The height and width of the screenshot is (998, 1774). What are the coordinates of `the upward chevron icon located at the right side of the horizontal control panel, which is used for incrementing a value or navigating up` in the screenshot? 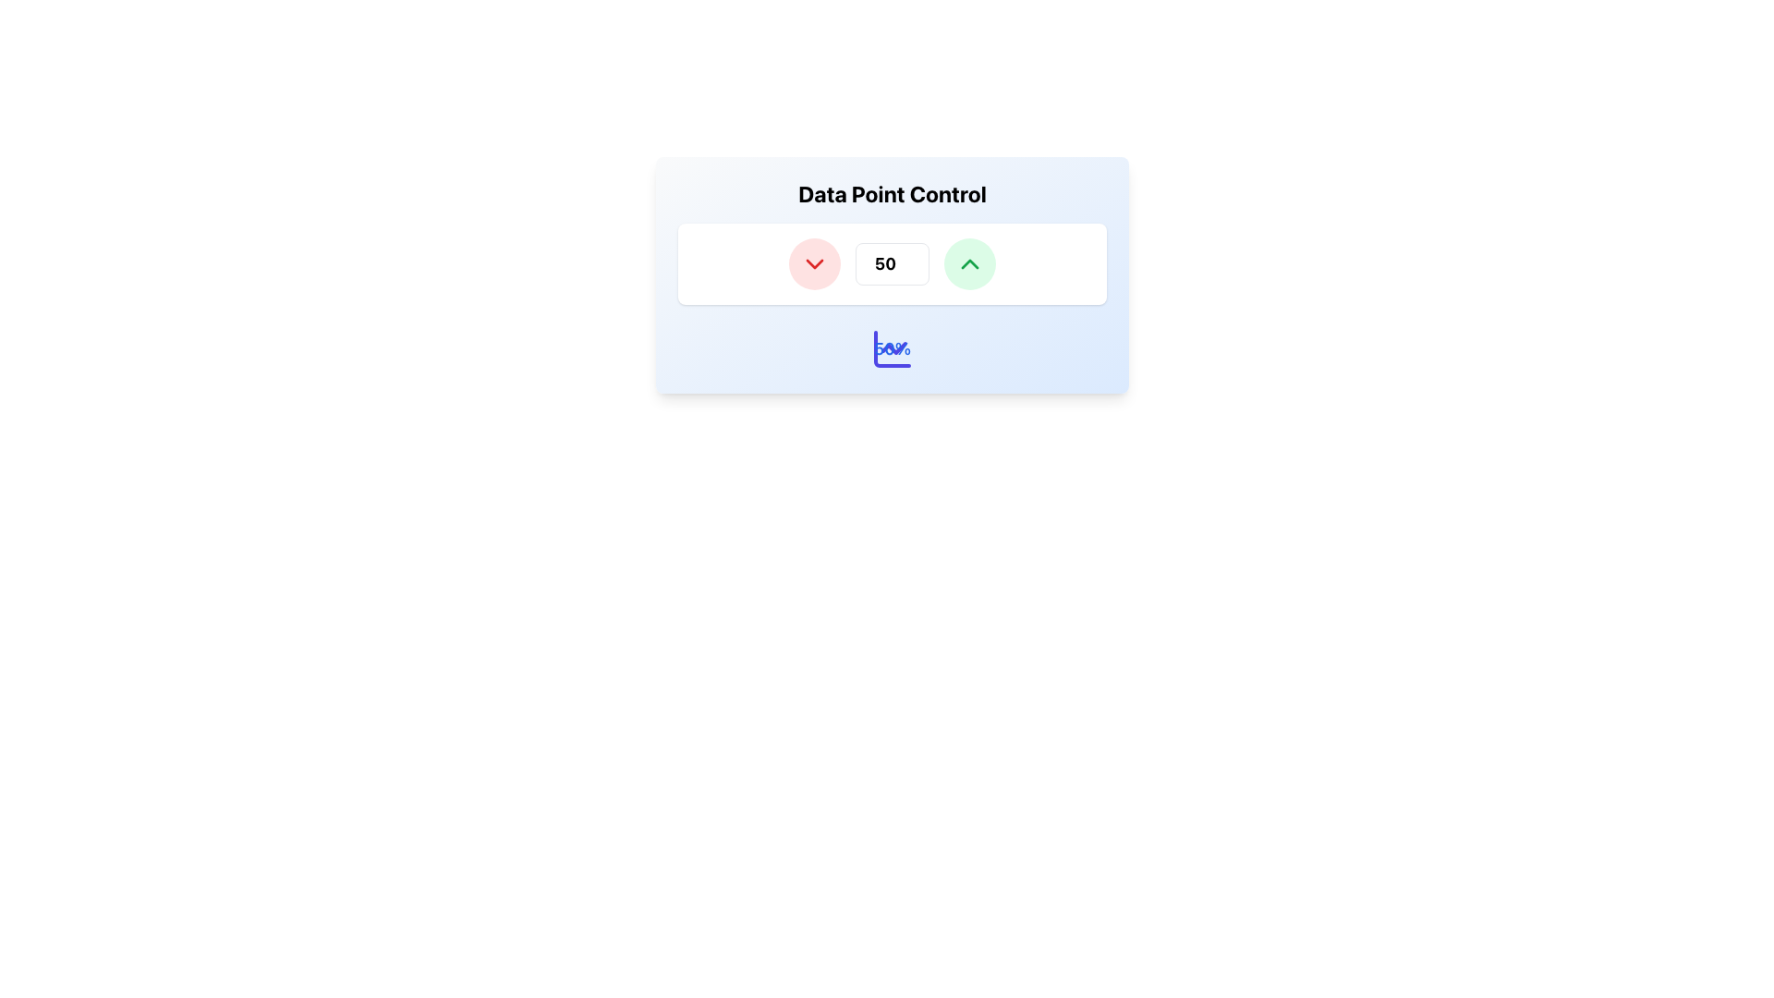 It's located at (969, 263).